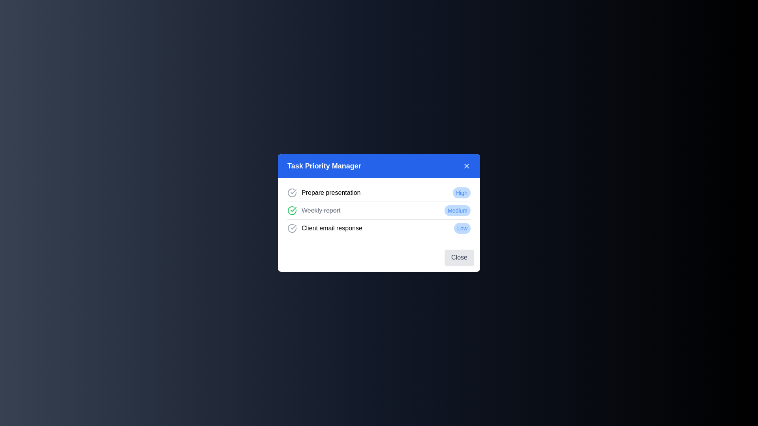 Image resolution: width=758 pixels, height=426 pixels. I want to click on the state of the checkmark icon indicating completion for the 'Weekly report' task, so click(293, 209).